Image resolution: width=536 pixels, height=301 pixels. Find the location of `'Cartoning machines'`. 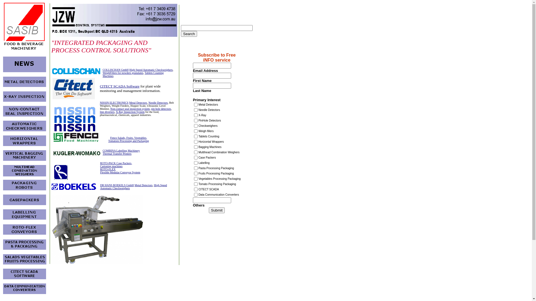

'Cartoning machines' is located at coordinates (111, 166).